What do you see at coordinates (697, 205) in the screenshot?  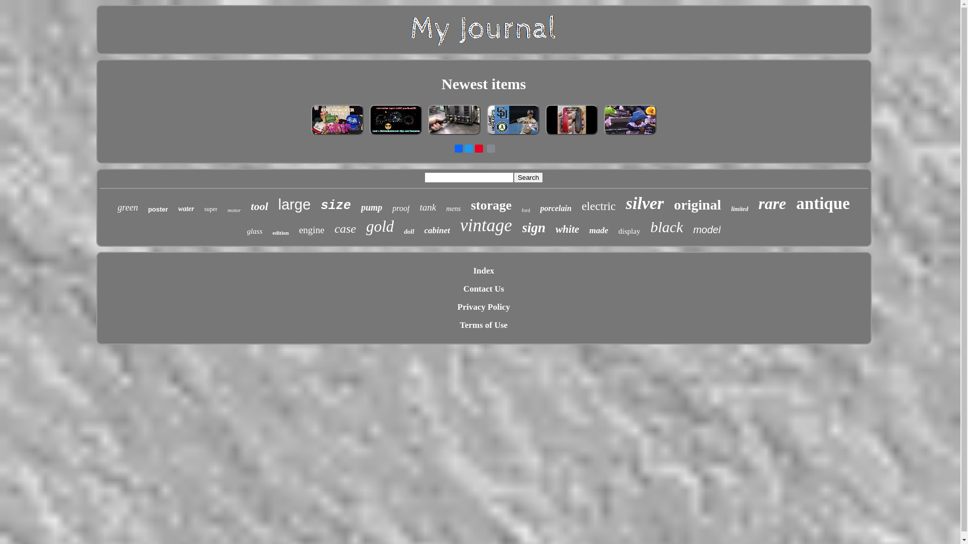 I see `'original'` at bounding box center [697, 205].